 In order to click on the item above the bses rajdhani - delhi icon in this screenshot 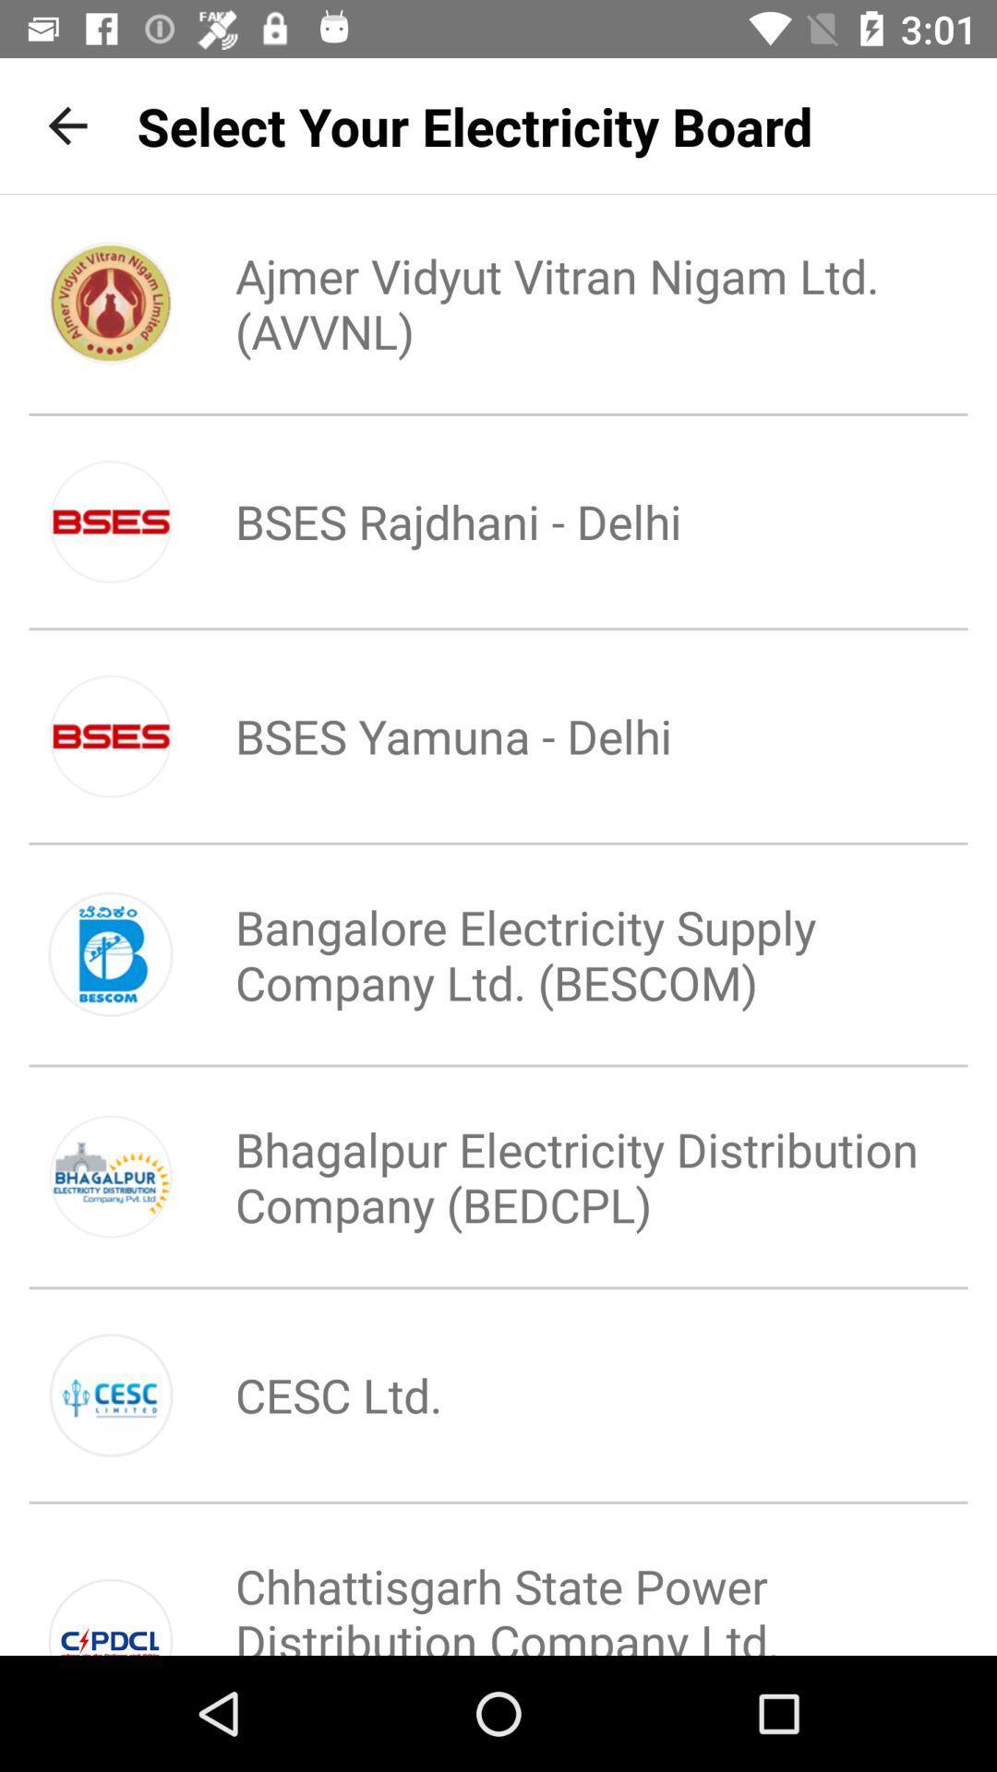, I will do `click(559, 303)`.